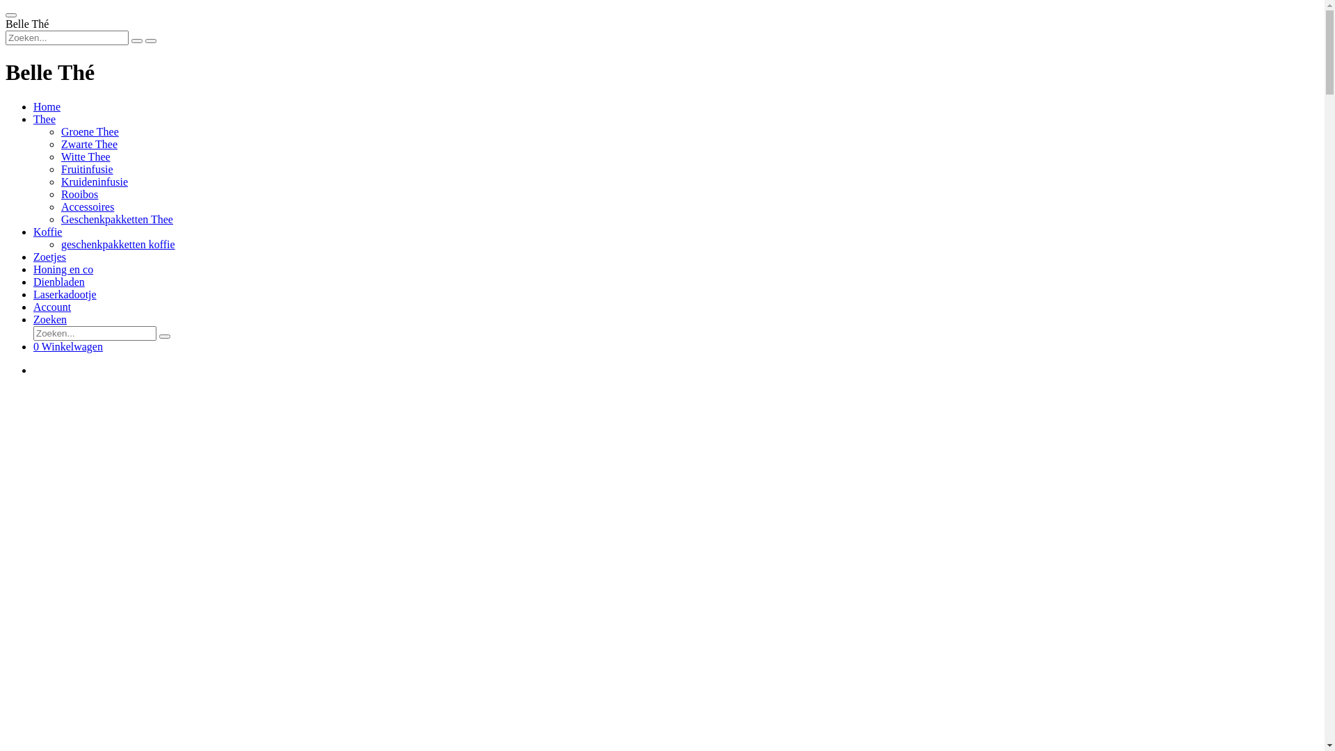  I want to click on 'Account', so click(33, 306).